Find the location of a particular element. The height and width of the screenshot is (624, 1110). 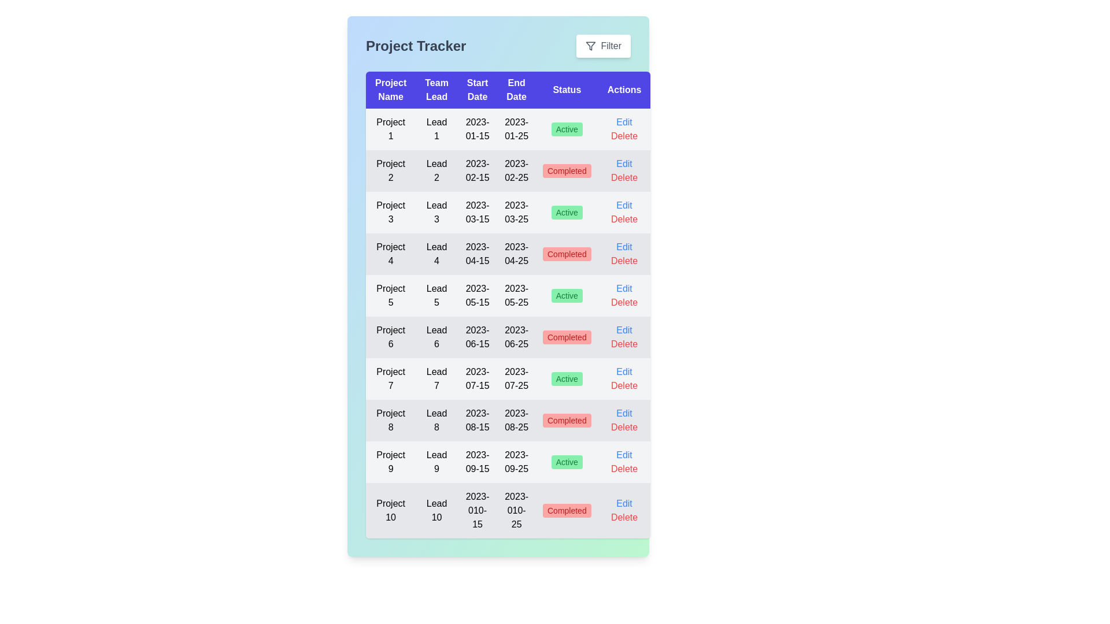

the filter button to apply filtering is located at coordinates (602, 46).